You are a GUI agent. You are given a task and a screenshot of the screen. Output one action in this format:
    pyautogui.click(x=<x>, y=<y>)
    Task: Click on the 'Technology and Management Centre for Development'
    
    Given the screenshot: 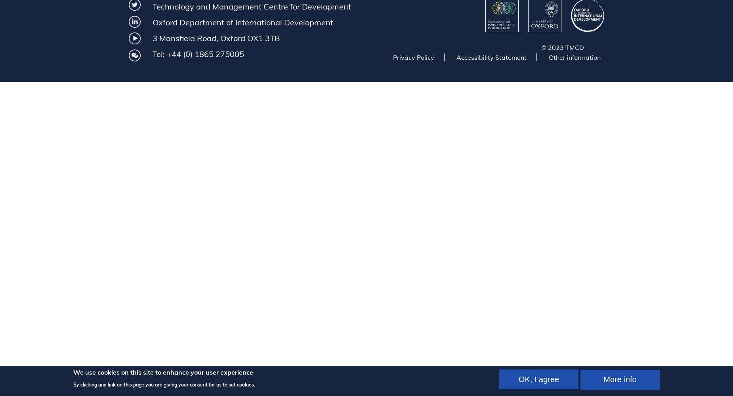 What is the action you would take?
    pyautogui.click(x=152, y=6)
    